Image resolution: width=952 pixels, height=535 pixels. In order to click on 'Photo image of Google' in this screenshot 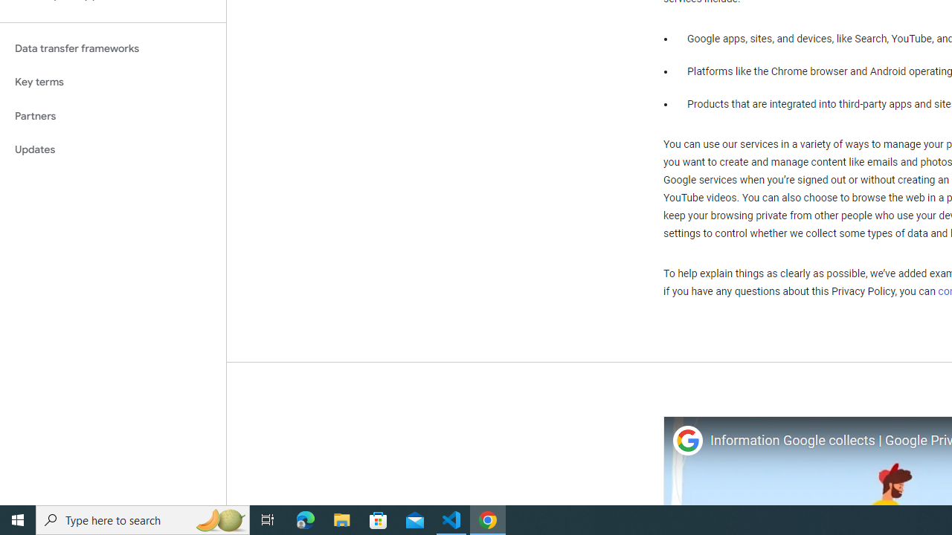, I will do `click(686, 440)`.